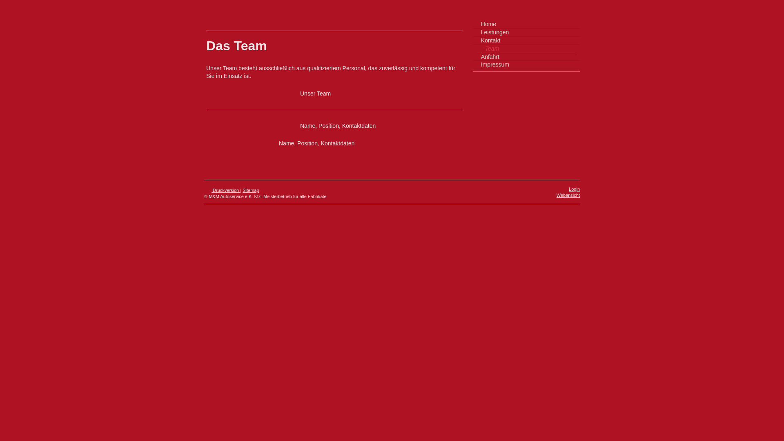 Image resolution: width=784 pixels, height=441 pixels. I want to click on 'Webansicht', so click(568, 195).